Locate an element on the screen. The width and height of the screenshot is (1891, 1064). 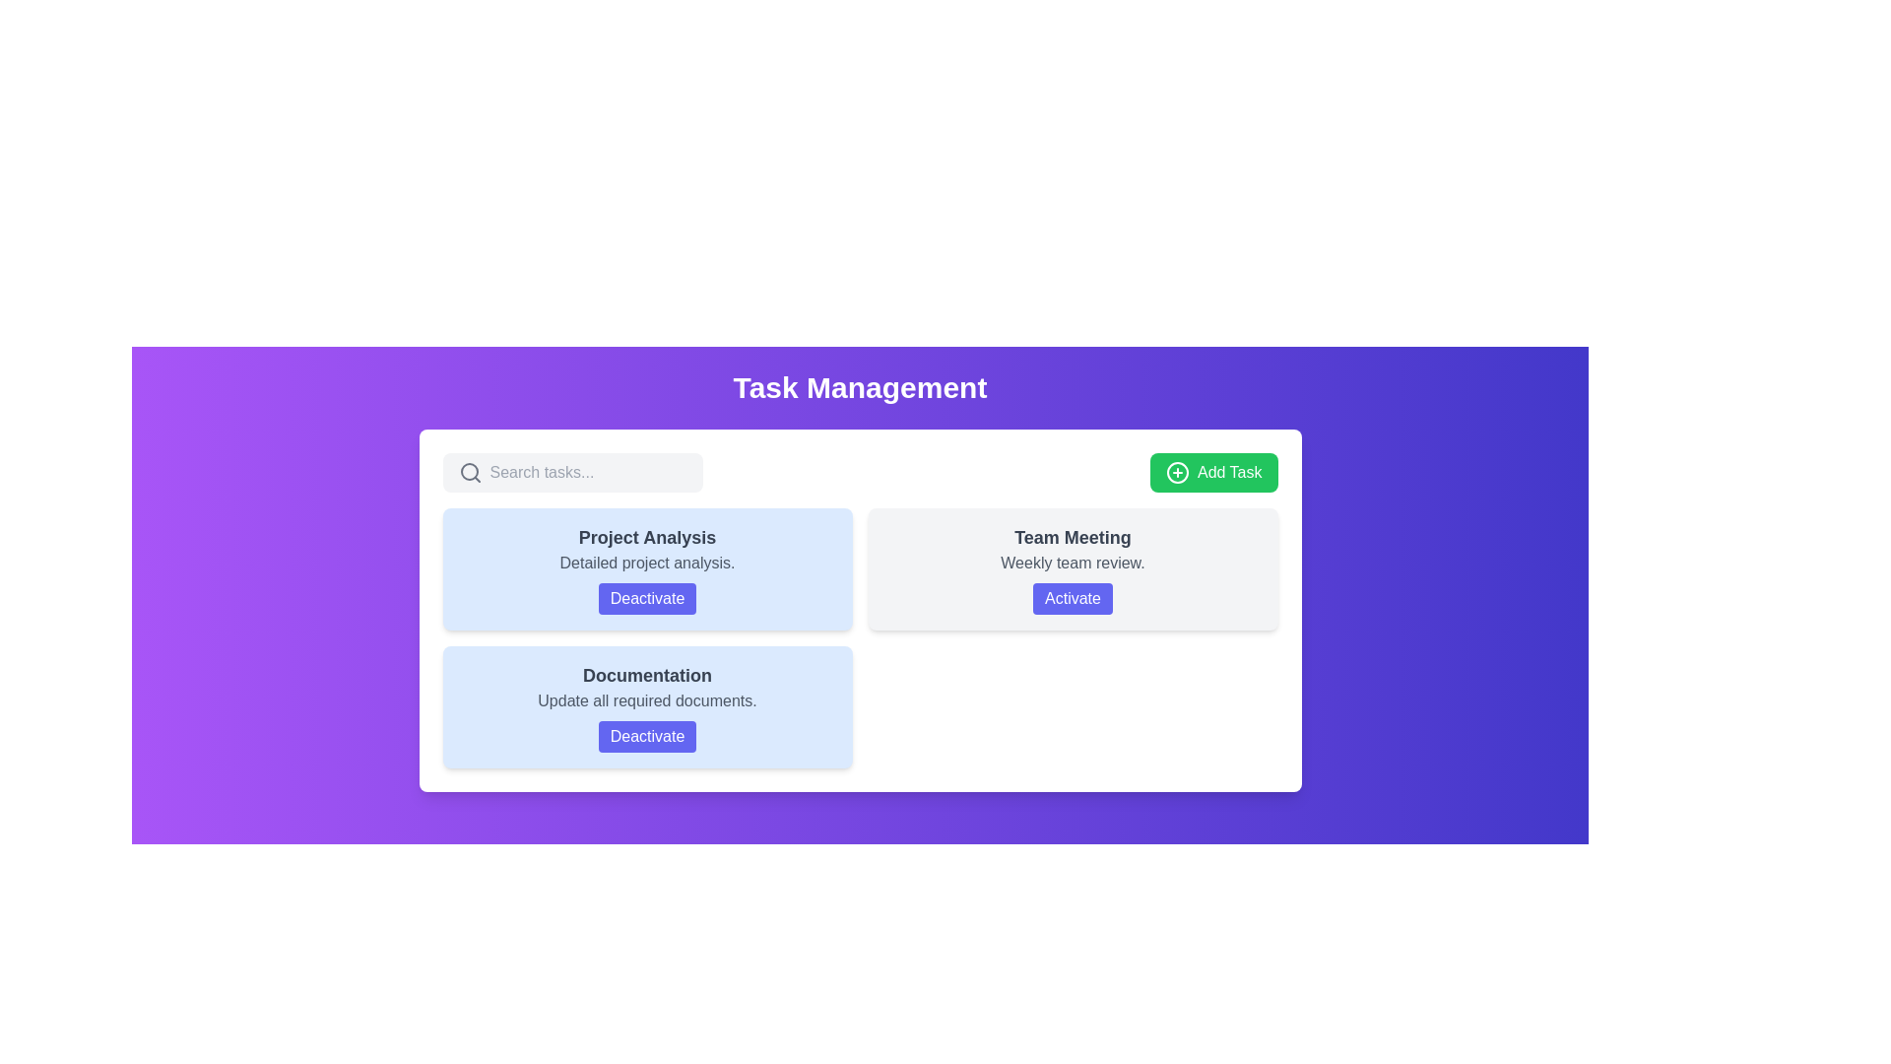
the decorative circle icon within the green 'Add Task' button, which enhances its appearance and indicates the functionality related is located at coordinates (1177, 472).